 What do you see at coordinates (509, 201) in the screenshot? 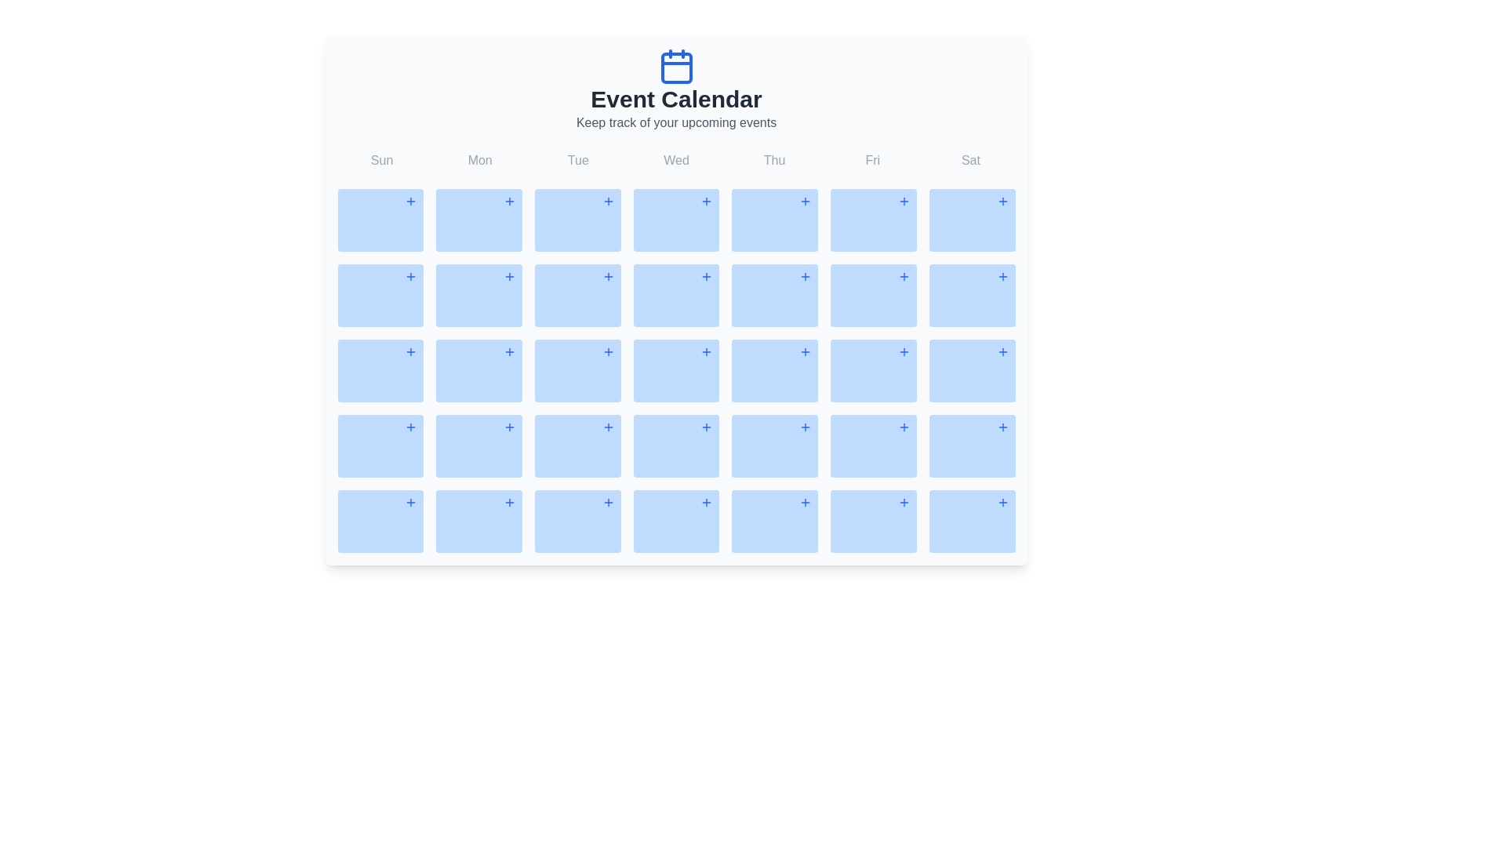
I see `the button located at the top-right corner of the blue card in the second column (Monday) of the calendar grid layout` at bounding box center [509, 201].